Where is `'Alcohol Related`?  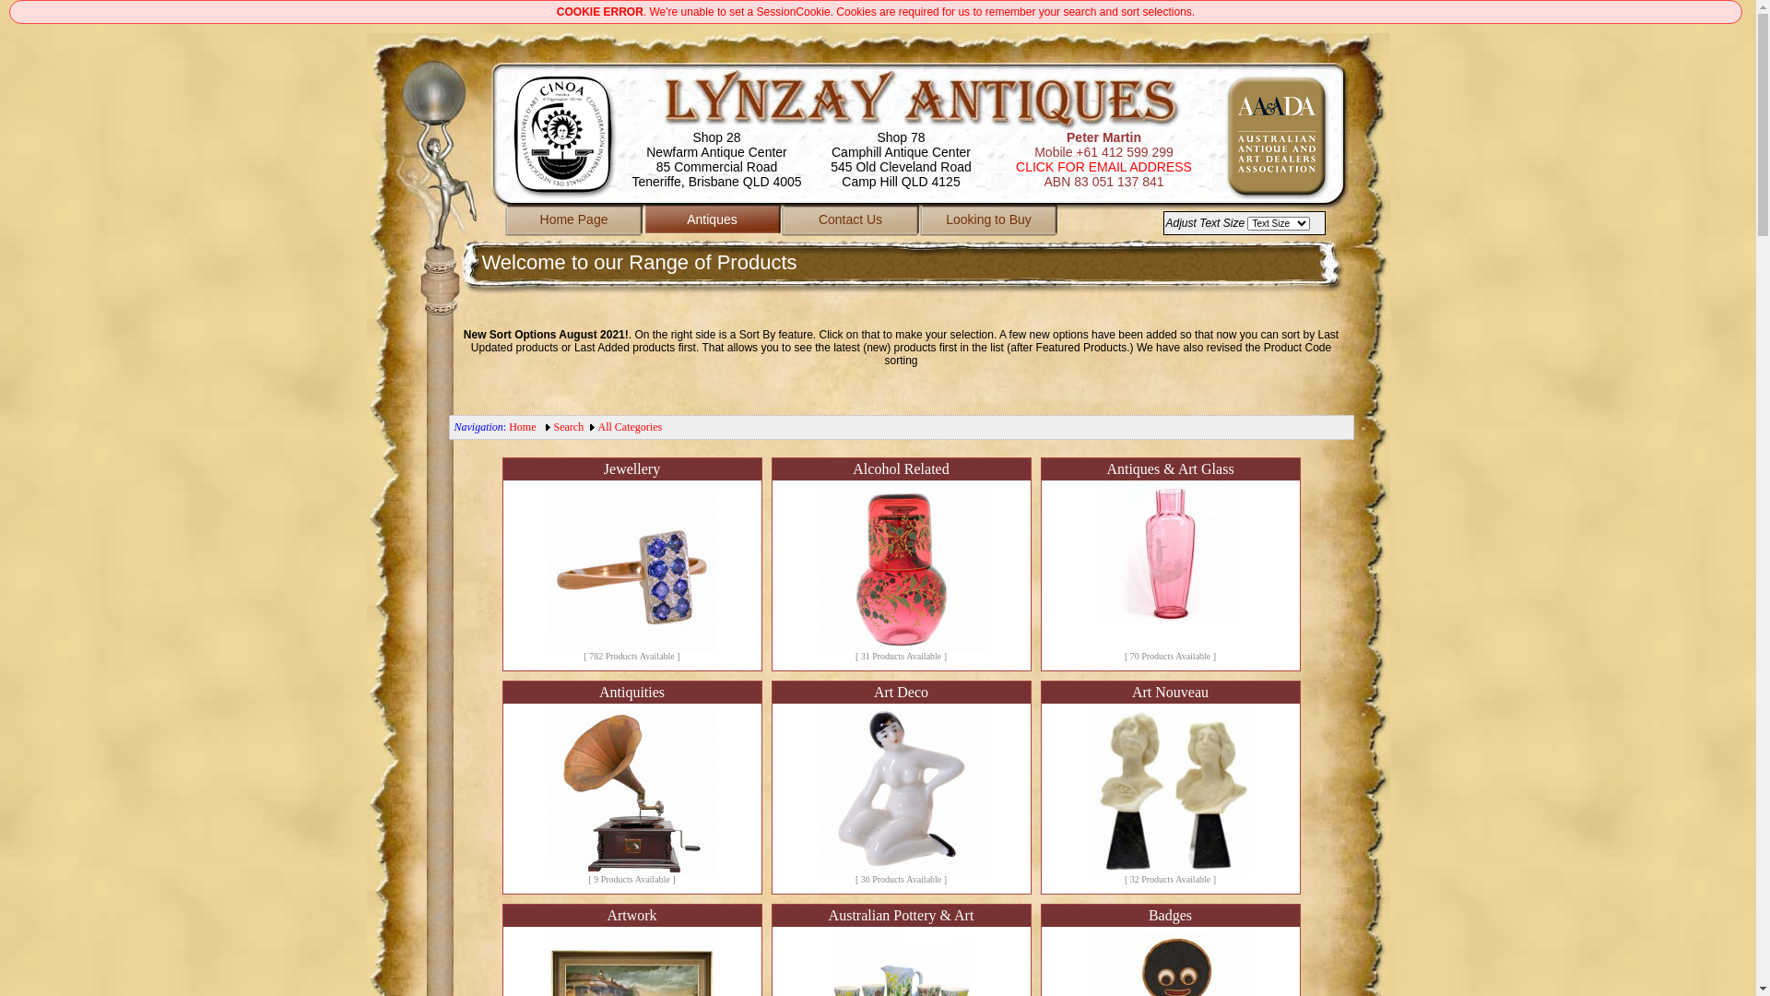 'Alcohol Related is located at coordinates (901, 563).